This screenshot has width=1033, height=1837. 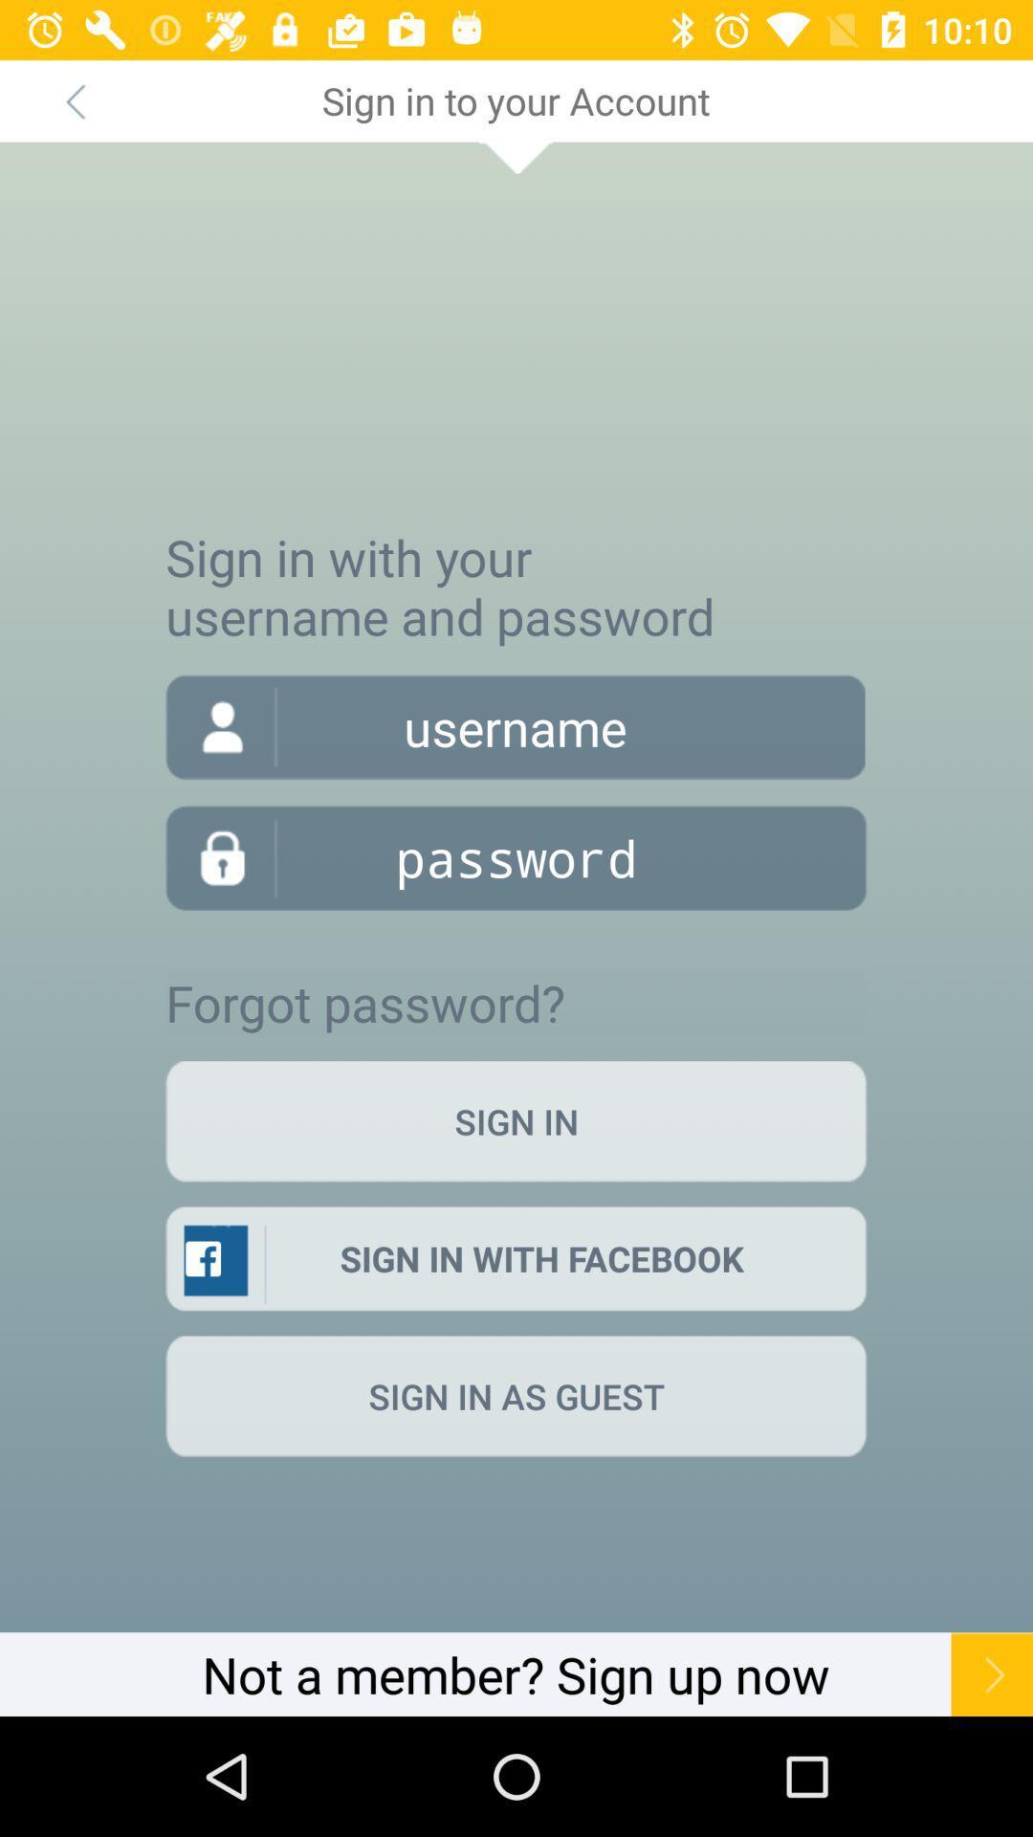 What do you see at coordinates (516, 856) in the screenshot?
I see `password typing option` at bounding box center [516, 856].